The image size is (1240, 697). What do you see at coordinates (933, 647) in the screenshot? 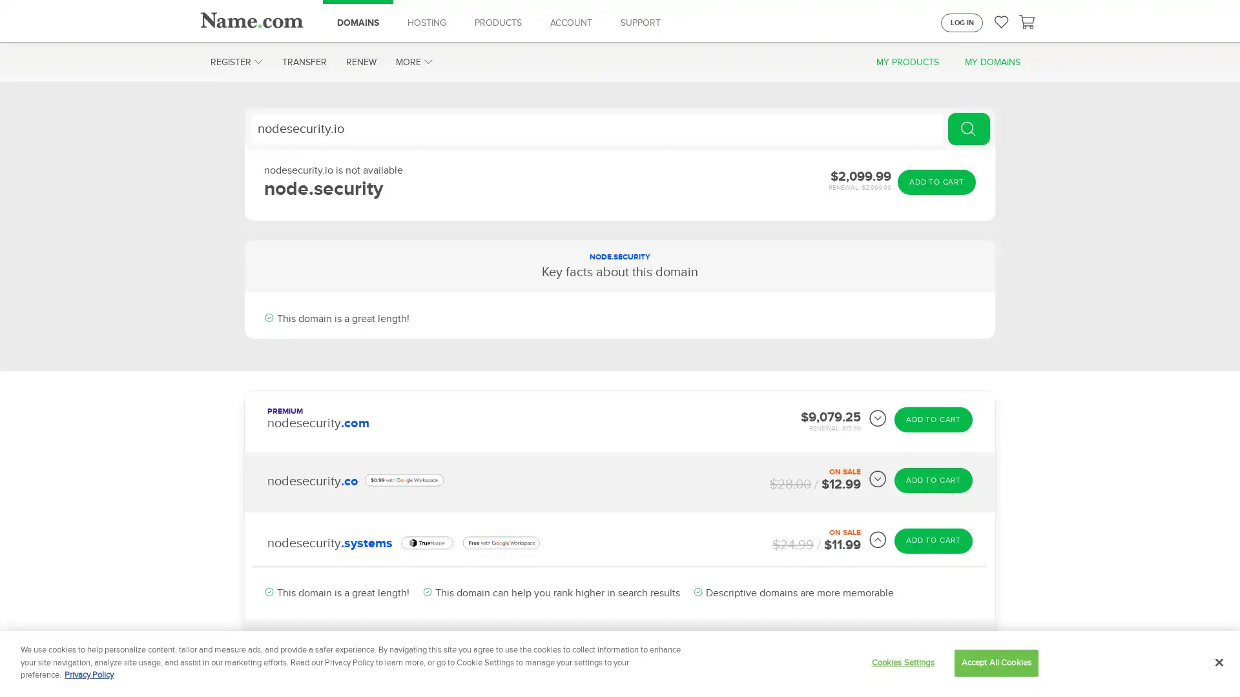
I see `ADD TO CART` at bounding box center [933, 647].